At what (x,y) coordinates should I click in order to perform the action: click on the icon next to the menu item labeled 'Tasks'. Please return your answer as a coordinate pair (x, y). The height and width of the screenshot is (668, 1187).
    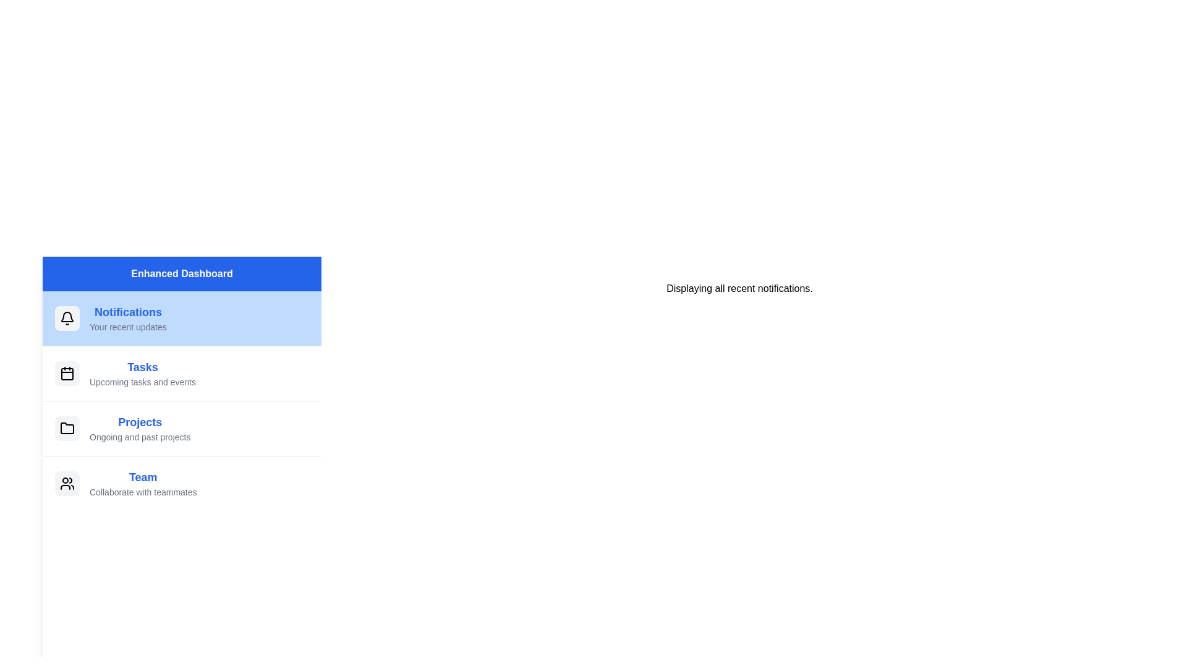
    Looking at the image, I should click on (67, 373).